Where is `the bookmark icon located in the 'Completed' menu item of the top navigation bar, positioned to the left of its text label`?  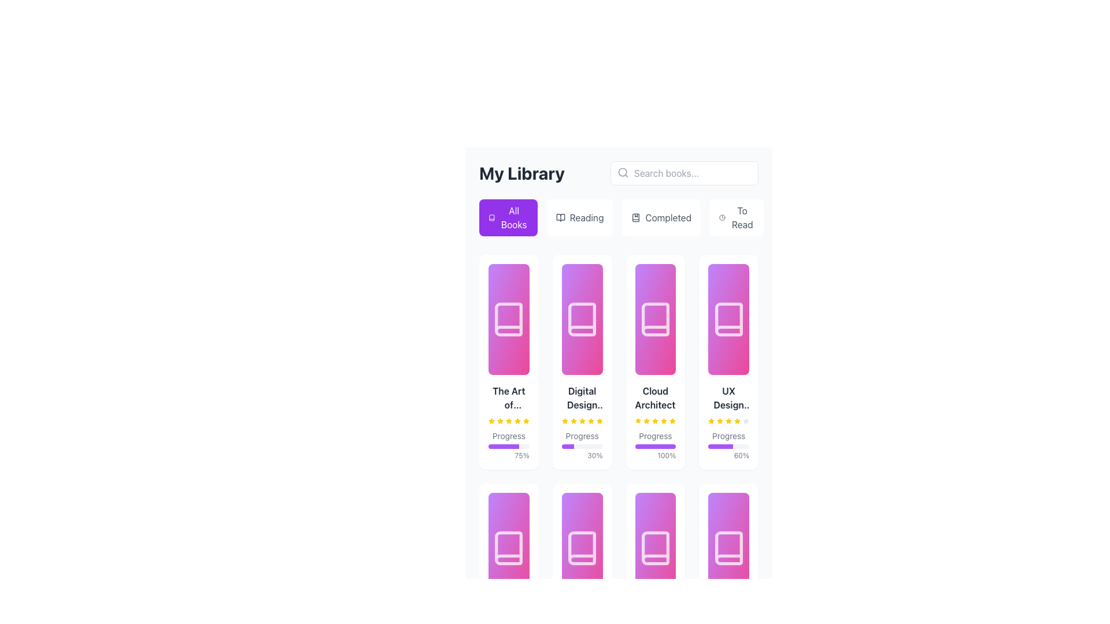
the bookmark icon located in the 'Completed' menu item of the top navigation bar, positioned to the left of its text label is located at coordinates (635, 218).